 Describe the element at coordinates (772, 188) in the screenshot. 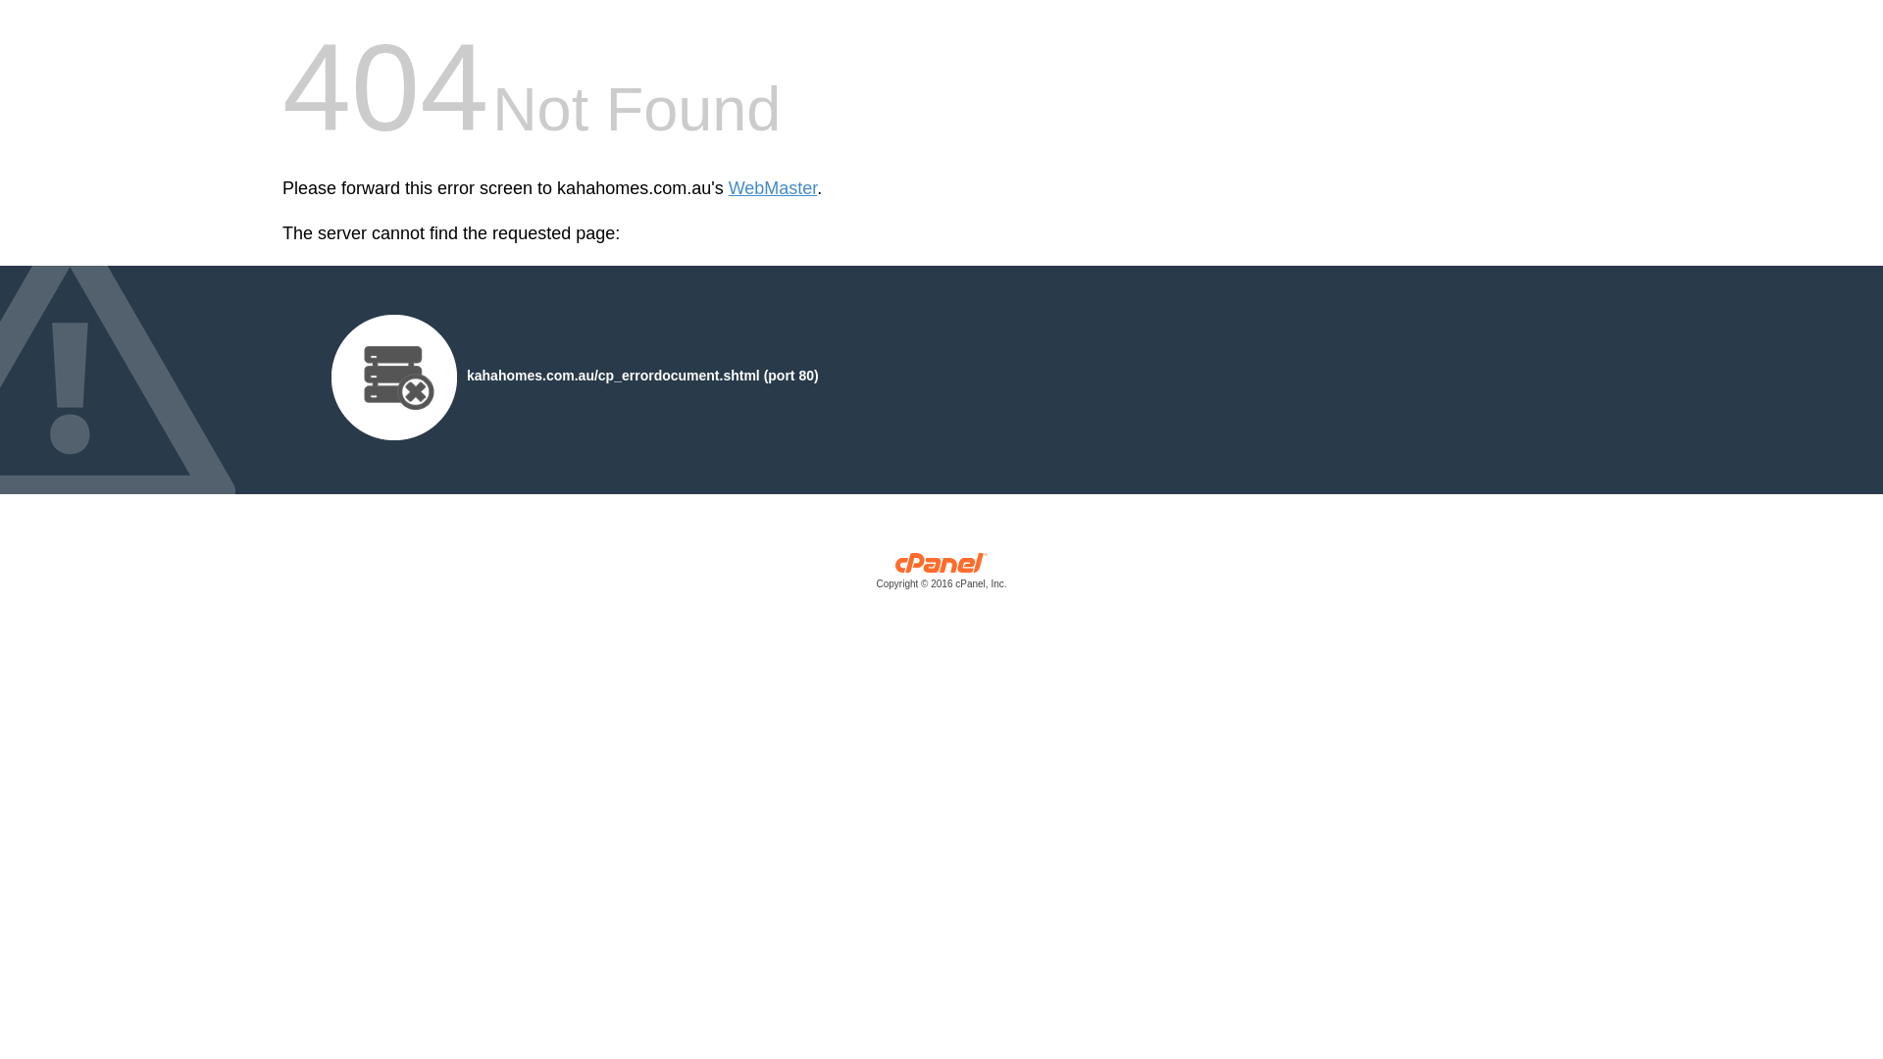

I see `'WebMaster'` at that location.